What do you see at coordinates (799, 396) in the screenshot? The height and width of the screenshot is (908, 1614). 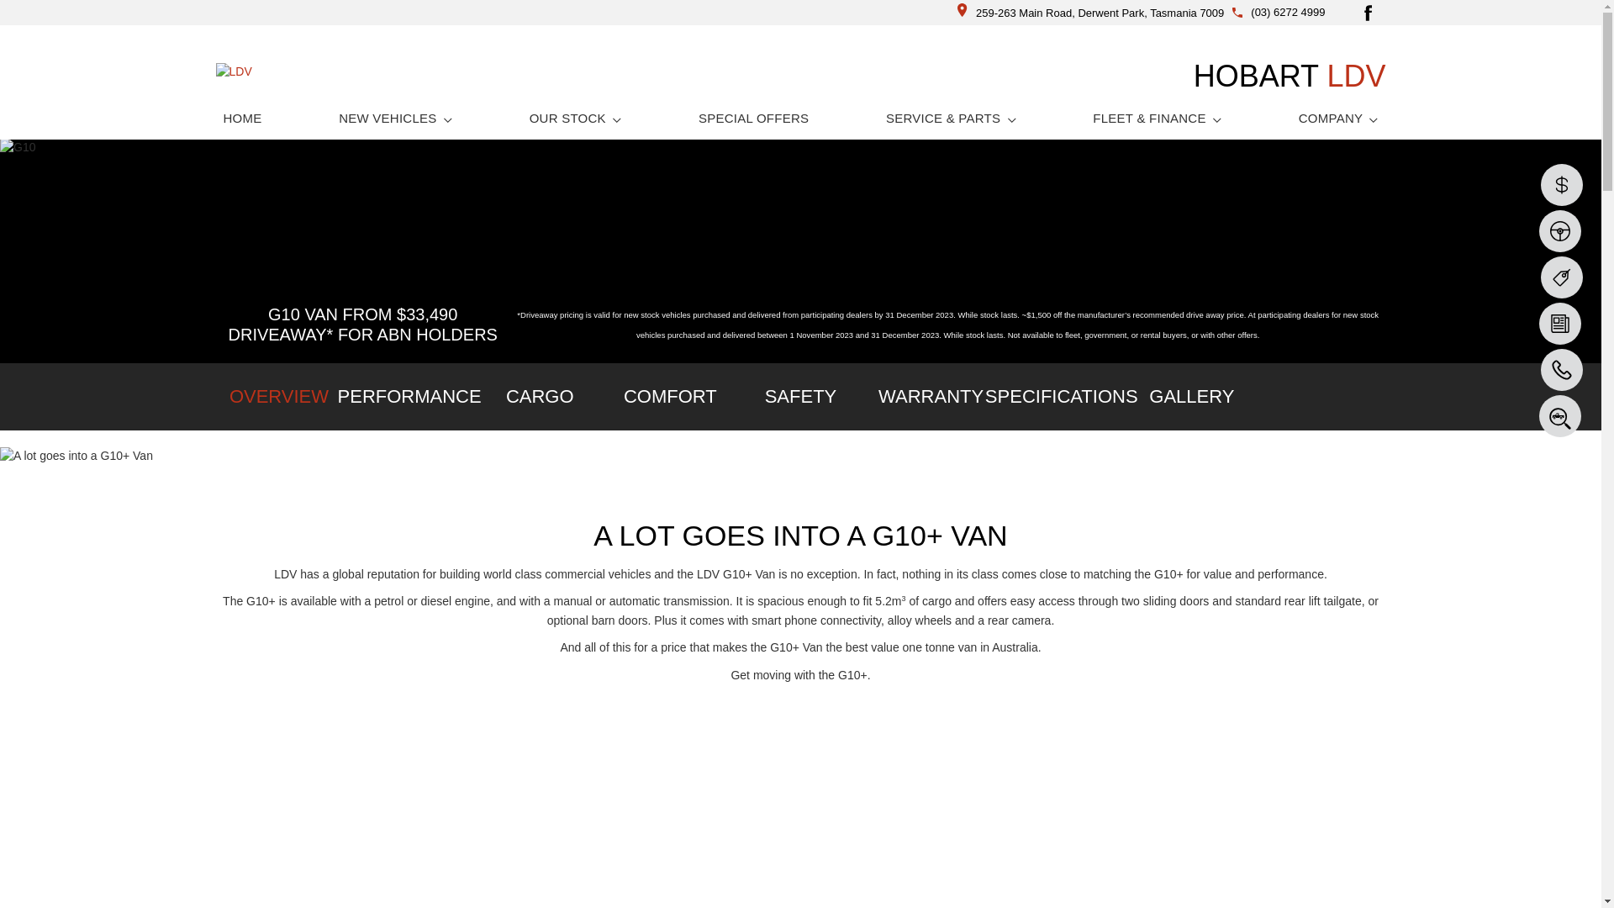 I see `'SAFETY'` at bounding box center [799, 396].